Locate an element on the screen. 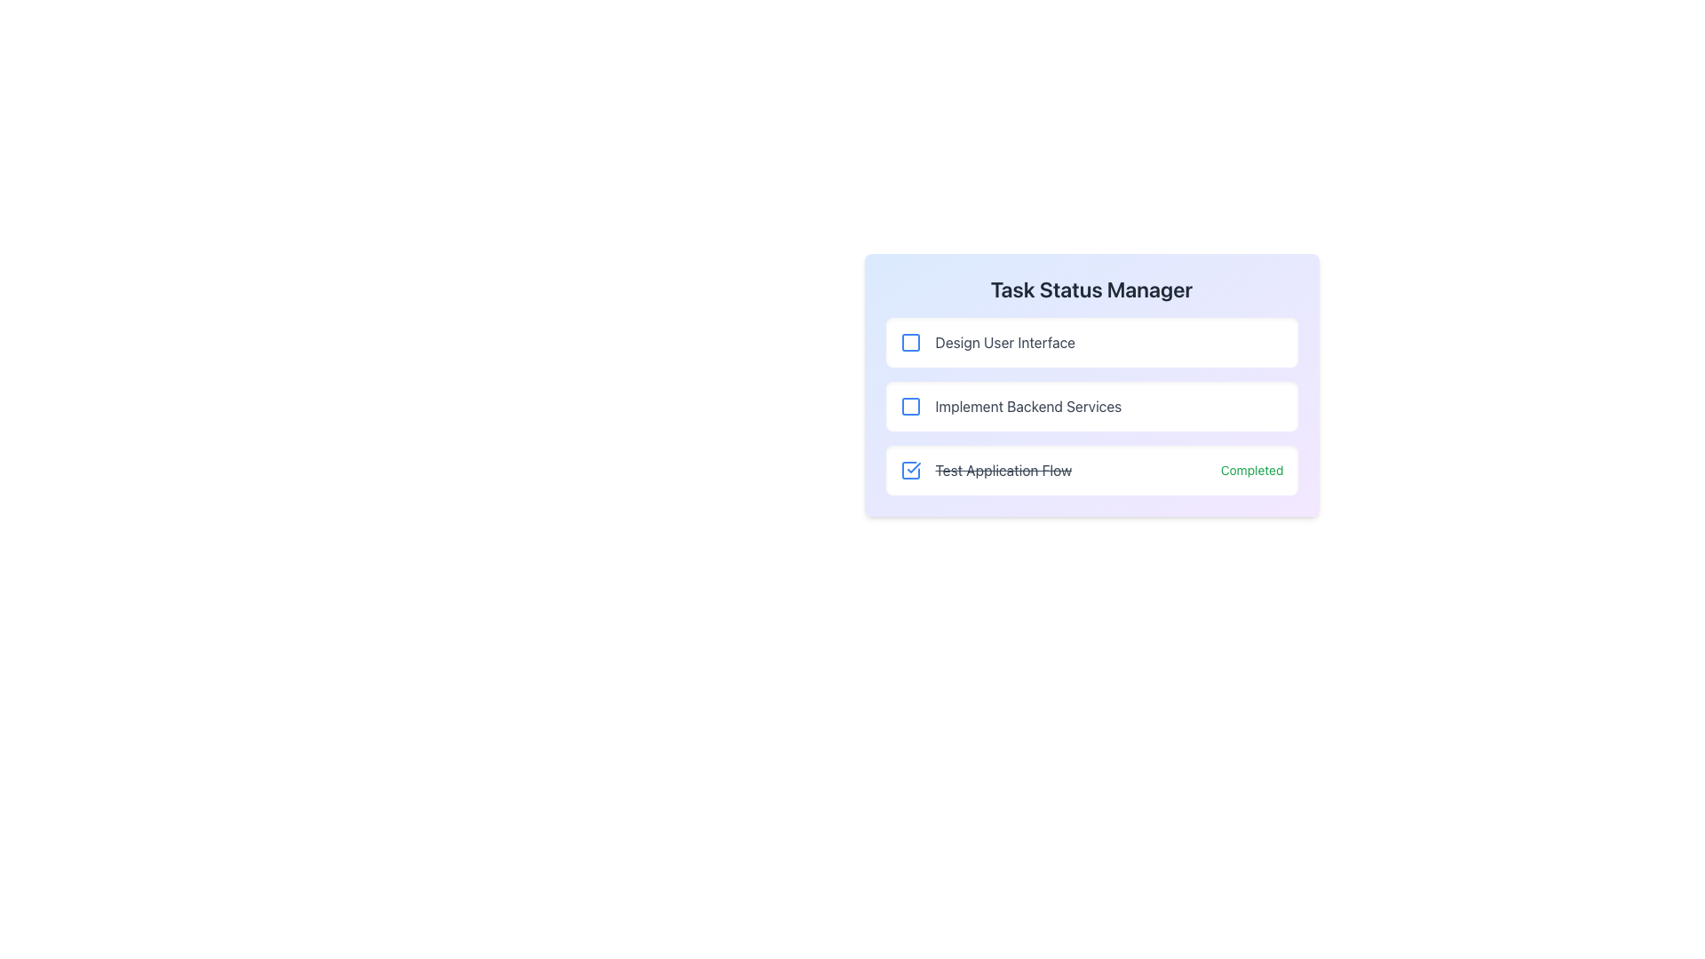 Image resolution: width=1705 pixels, height=959 pixels. the text label displaying 'Completed' which indicates the status of the task 'Test Application Flow' in green color is located at coordinates (1251, 469).